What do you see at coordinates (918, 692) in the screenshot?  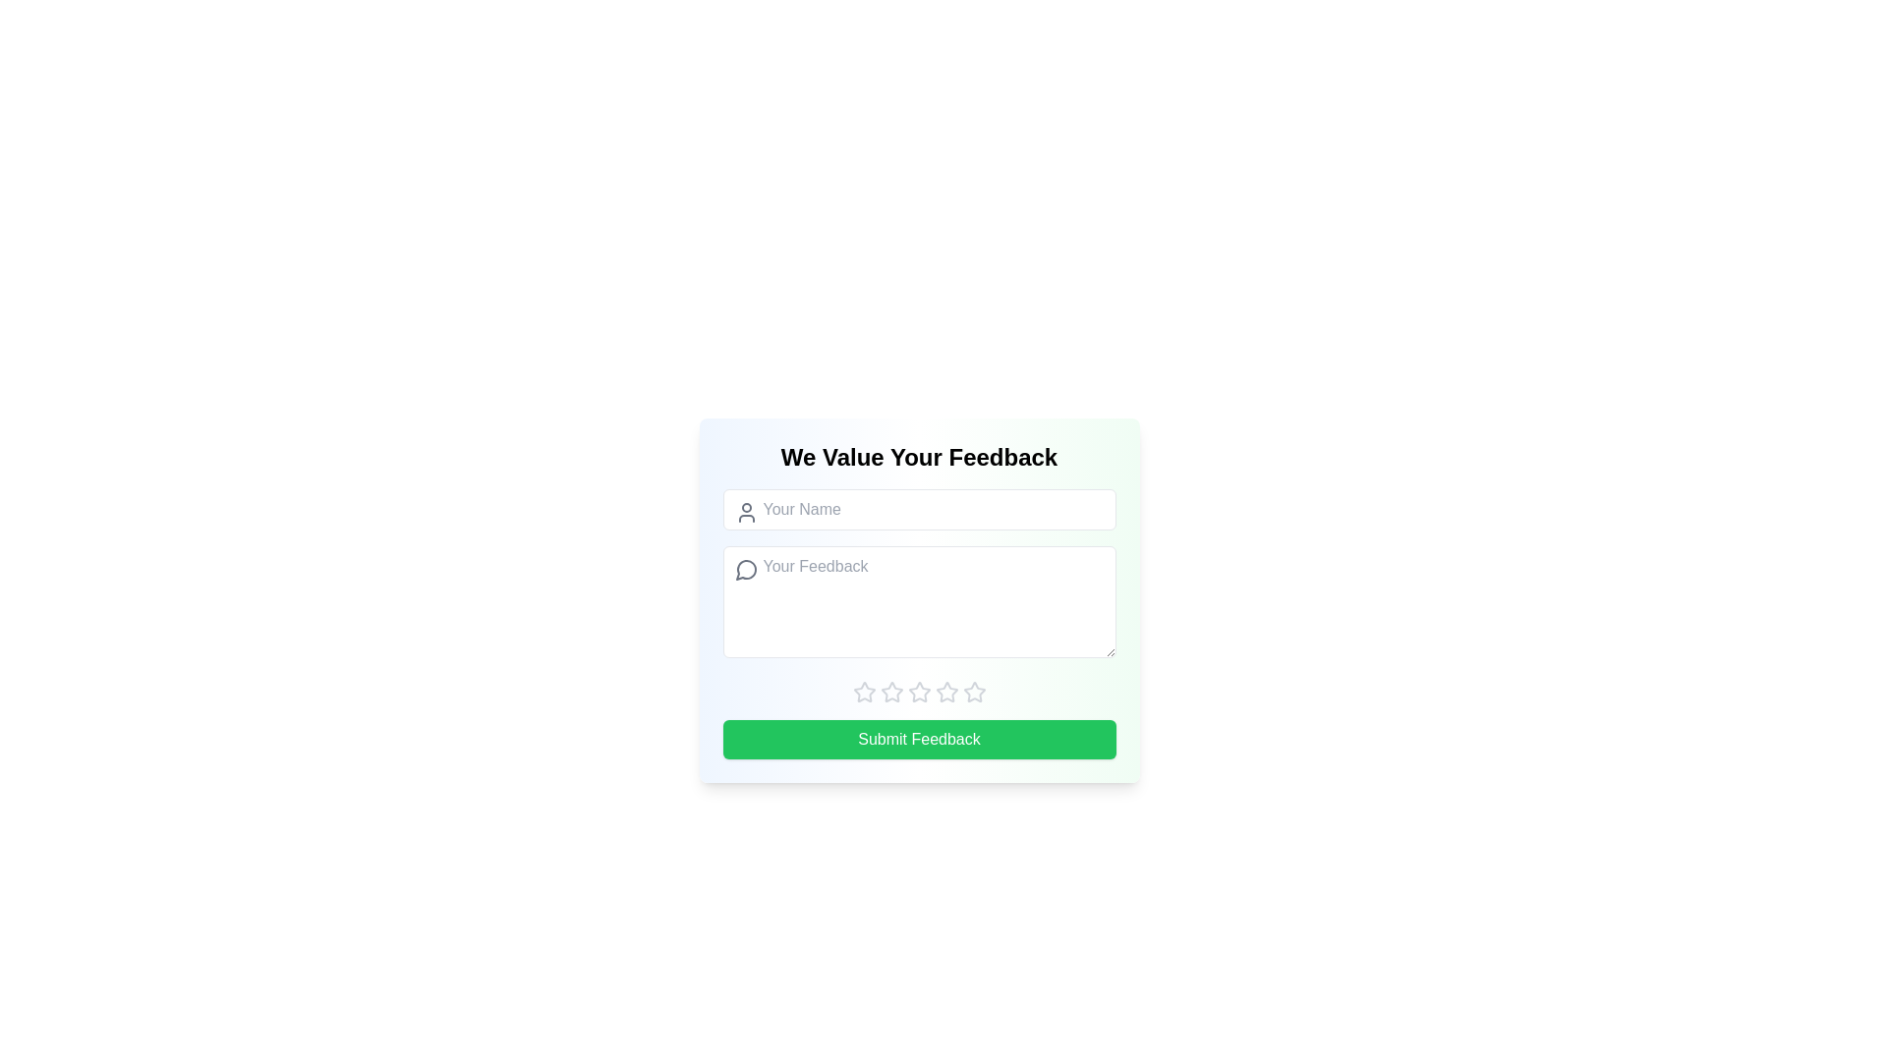 I see `the fourth star icon in the horizontal sequence of rating stars at the center-bottom of the feedback form to provide a rating` at bounding box center [918, 692].